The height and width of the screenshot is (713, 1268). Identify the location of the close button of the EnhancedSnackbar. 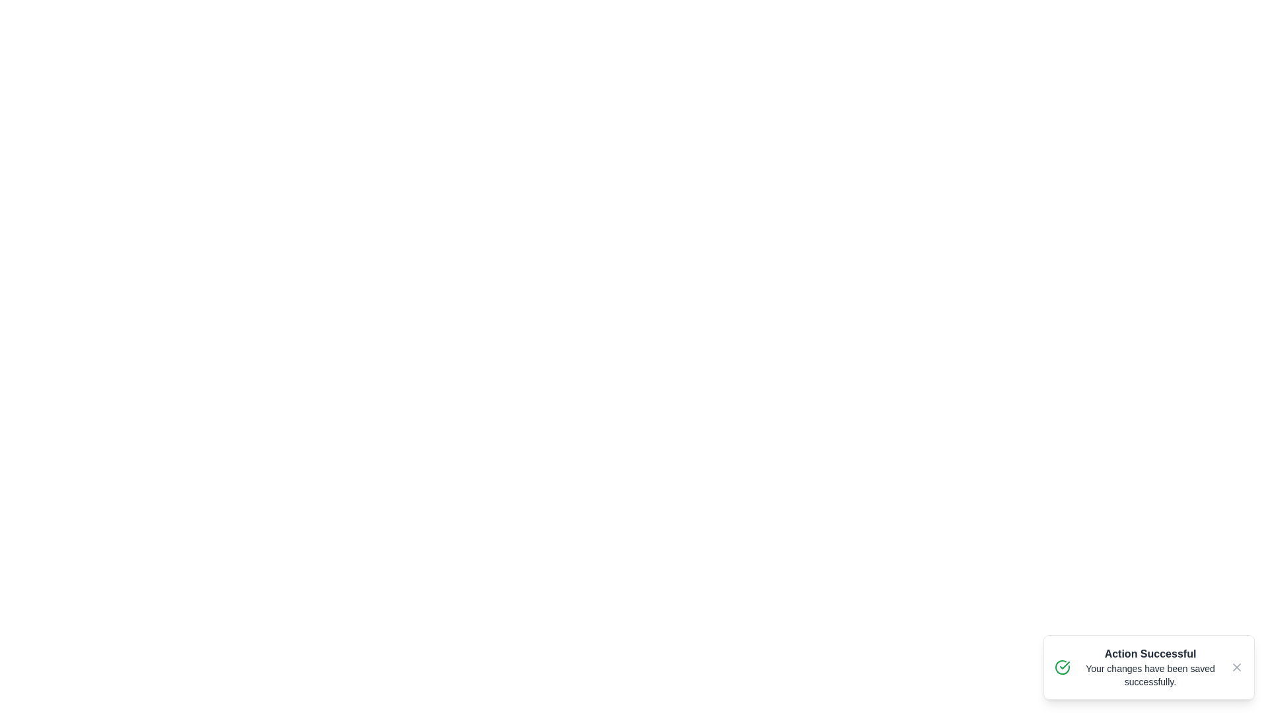
(1236, 667).